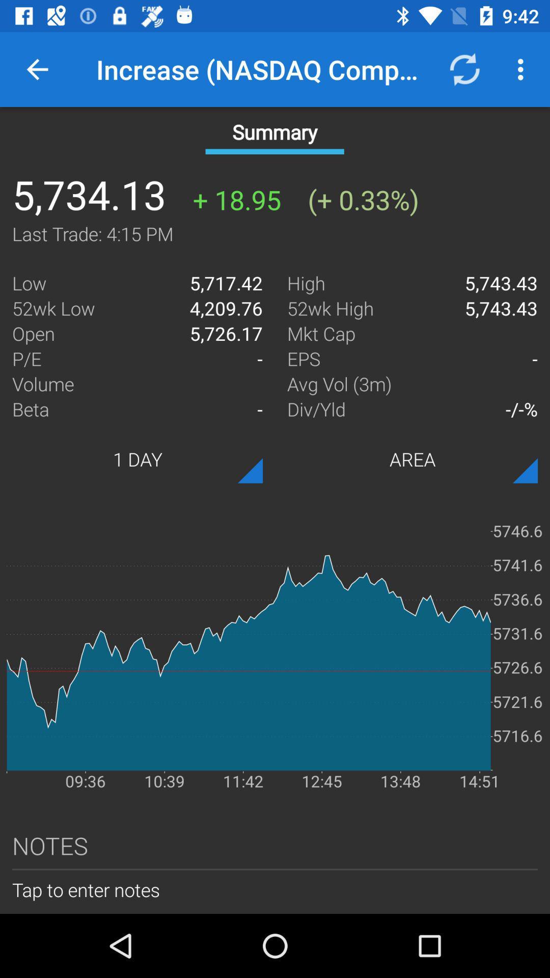 The width and height of the screenshot is (550, 978). What do you see at coordinates (275, 647) in the screenshot?
I see `the item below the 1 day item` at bounding box center [275, 647].